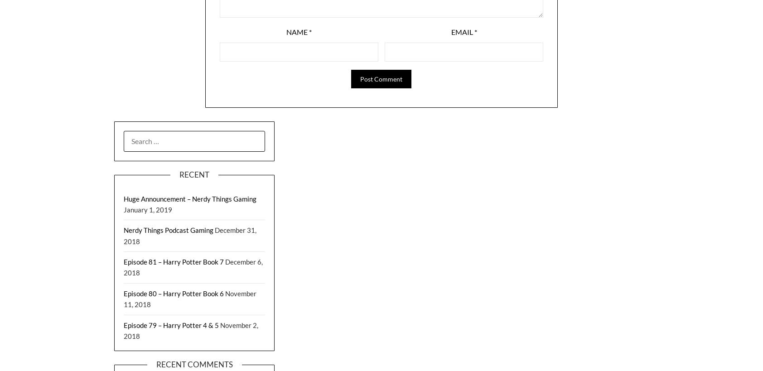  What do you see at coordinates (174, 261) in the screenshot?
I see `'Episode 81 – Harry Potter Book 7'` at bounding box center [174, 261].